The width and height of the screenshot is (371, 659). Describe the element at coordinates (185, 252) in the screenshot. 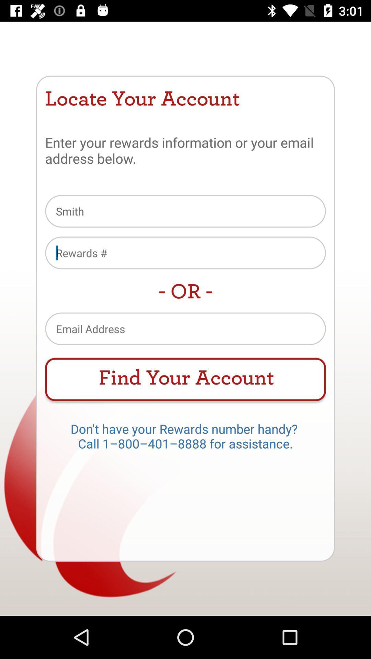

I see `rewards option` at that location.